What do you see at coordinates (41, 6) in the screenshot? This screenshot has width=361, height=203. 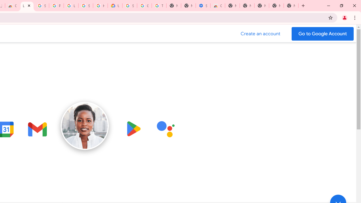 I see `'Sign in - Google Accounts'` at bounding box center [41, 6].